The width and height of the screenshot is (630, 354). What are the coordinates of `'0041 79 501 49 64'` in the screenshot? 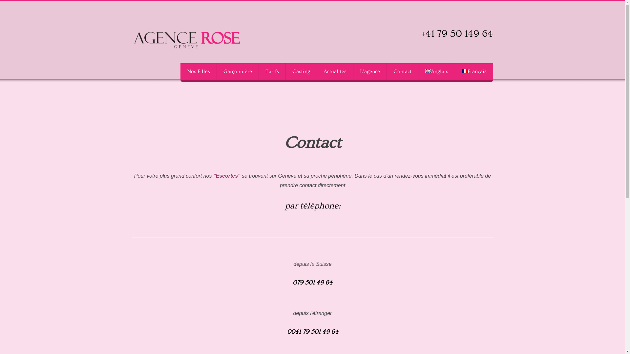 It's located at (312, 332).